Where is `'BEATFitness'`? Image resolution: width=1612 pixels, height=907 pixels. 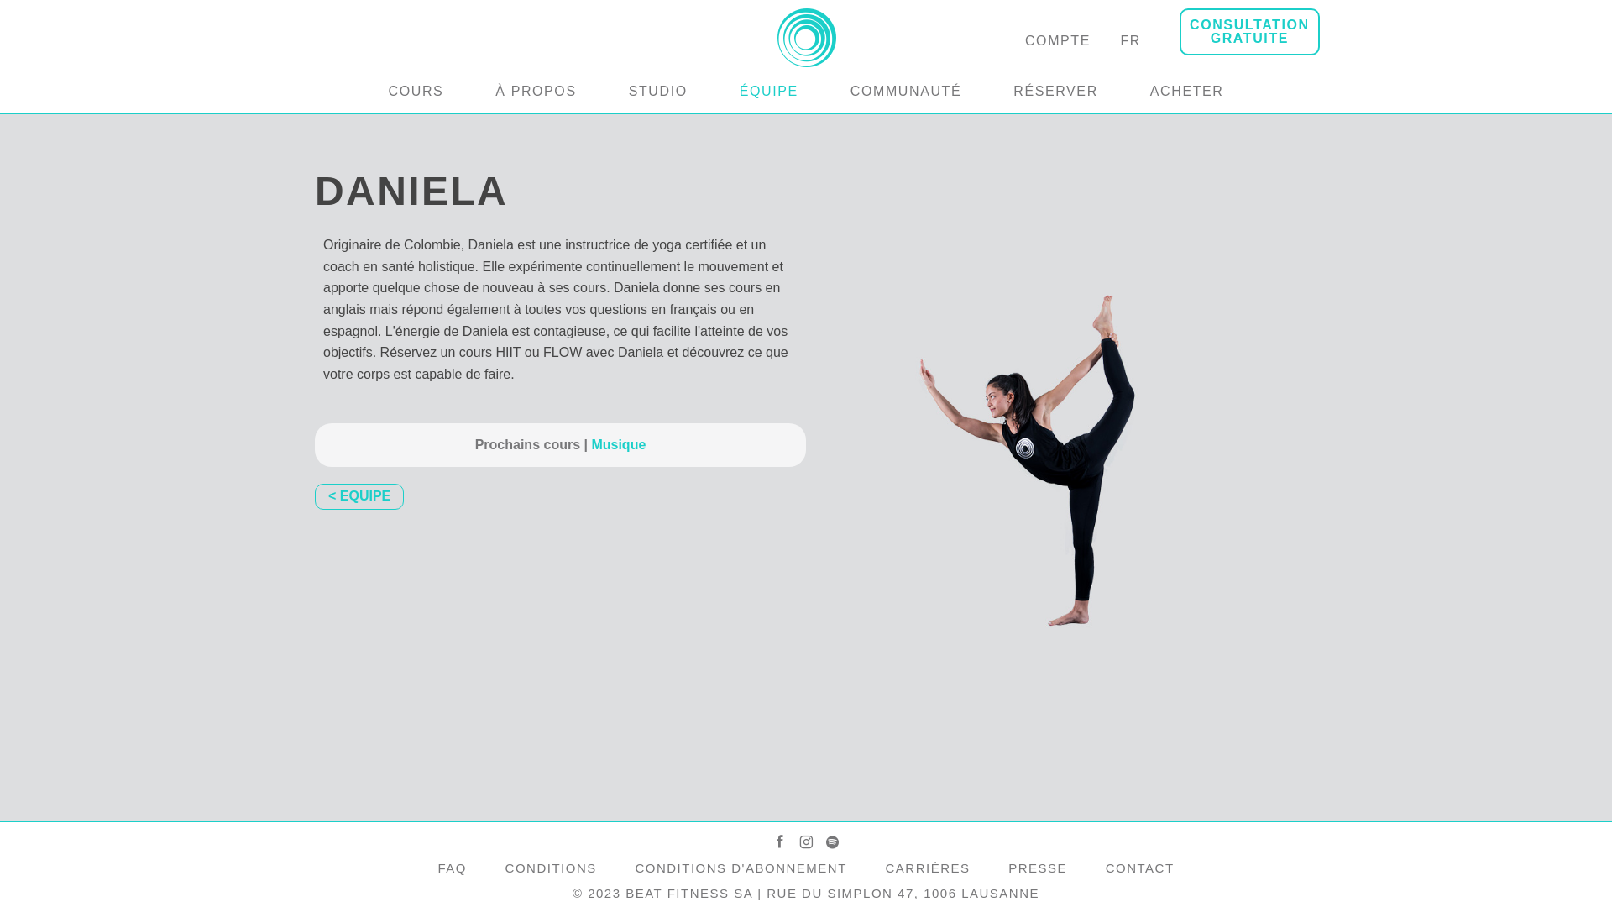
'BEATFitness' is located at coordinates (806, 58).